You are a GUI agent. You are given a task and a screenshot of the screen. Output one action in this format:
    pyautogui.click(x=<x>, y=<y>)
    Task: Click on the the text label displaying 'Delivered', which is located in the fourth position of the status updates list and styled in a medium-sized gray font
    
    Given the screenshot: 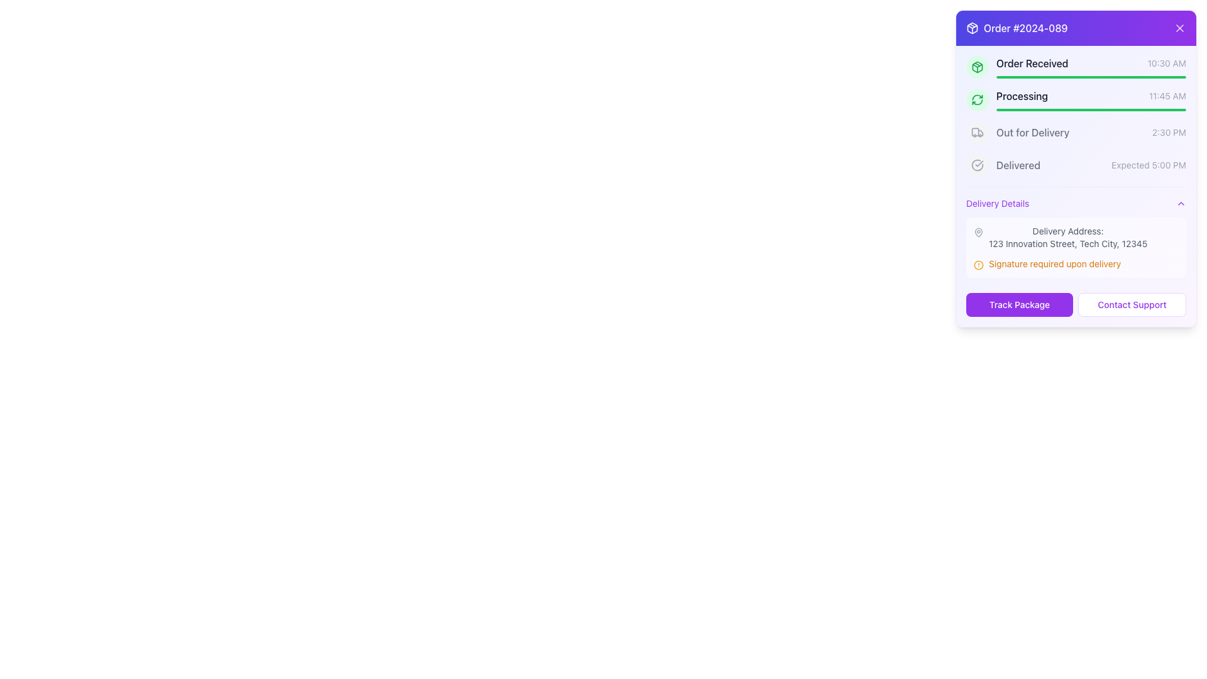 What is the action you would take?
    pyautogui.click(x=1018, y=164)
    